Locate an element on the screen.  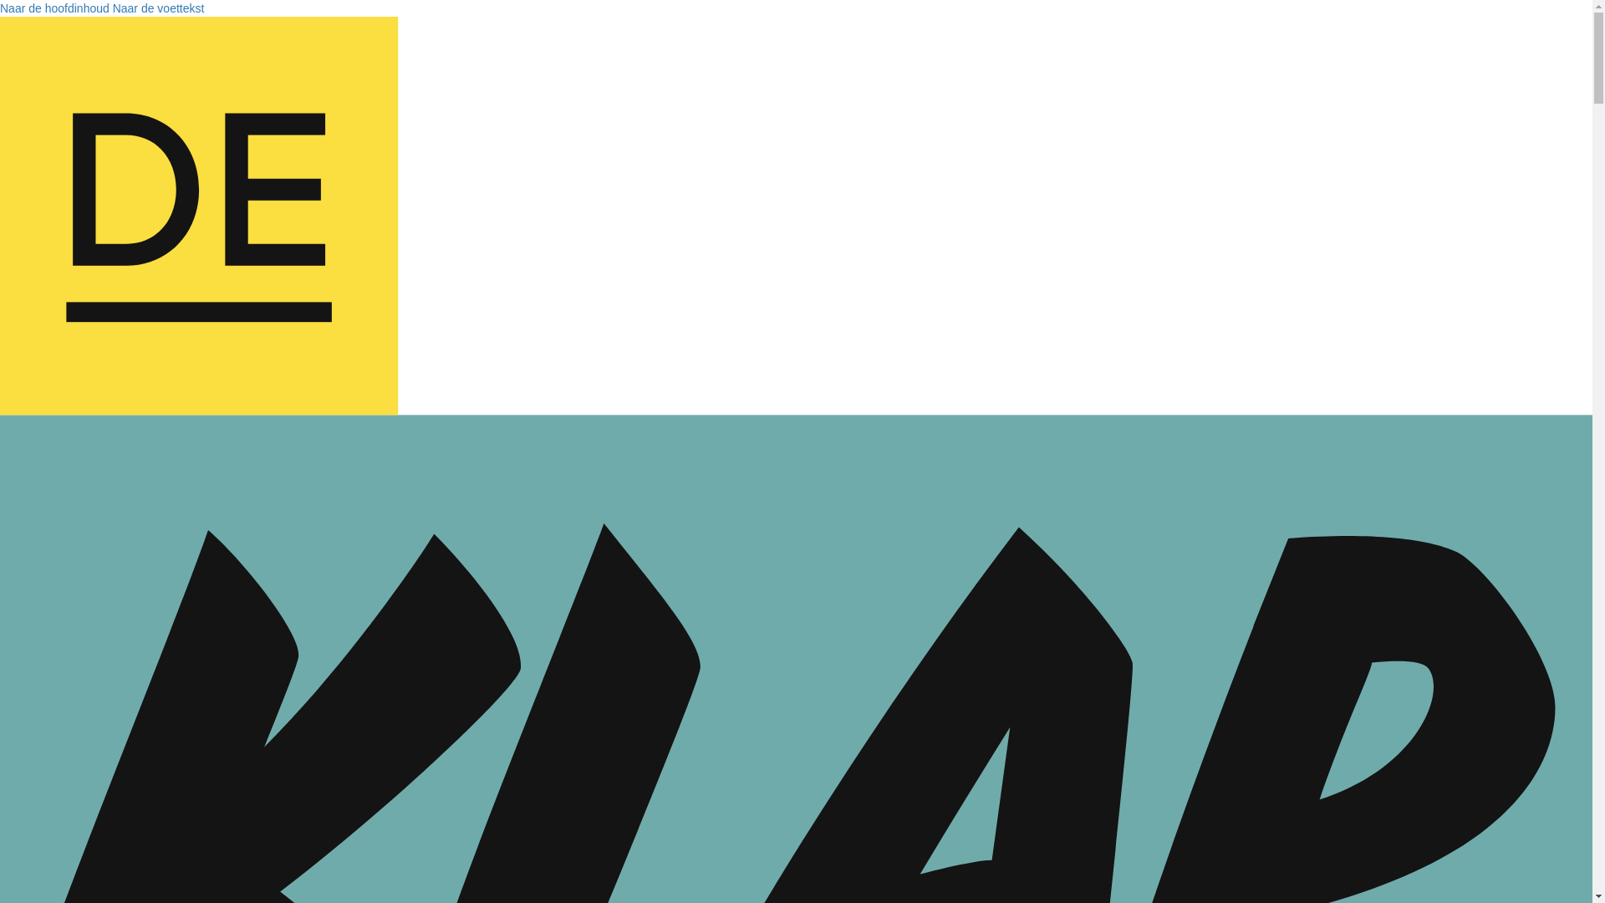
'Naar de hoofdinhoud' is located at coordinates (54, 8).